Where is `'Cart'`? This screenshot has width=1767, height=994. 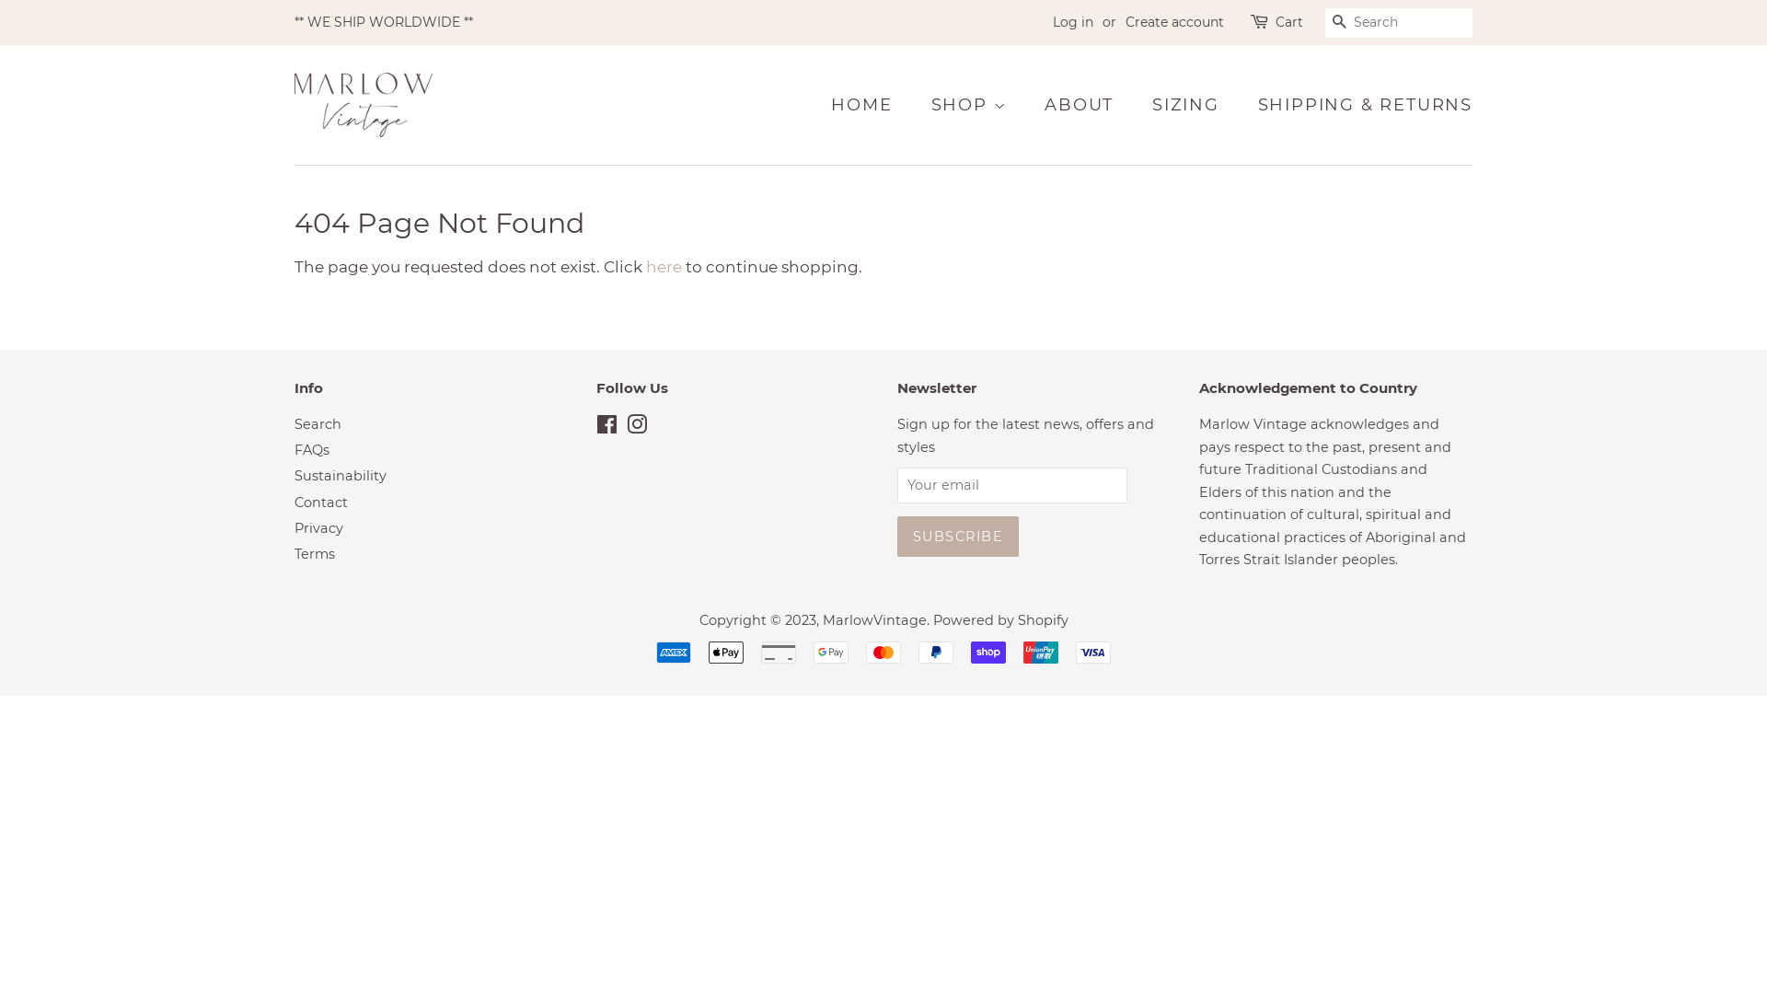 'Cart' is located at coordinates (1288, 22).